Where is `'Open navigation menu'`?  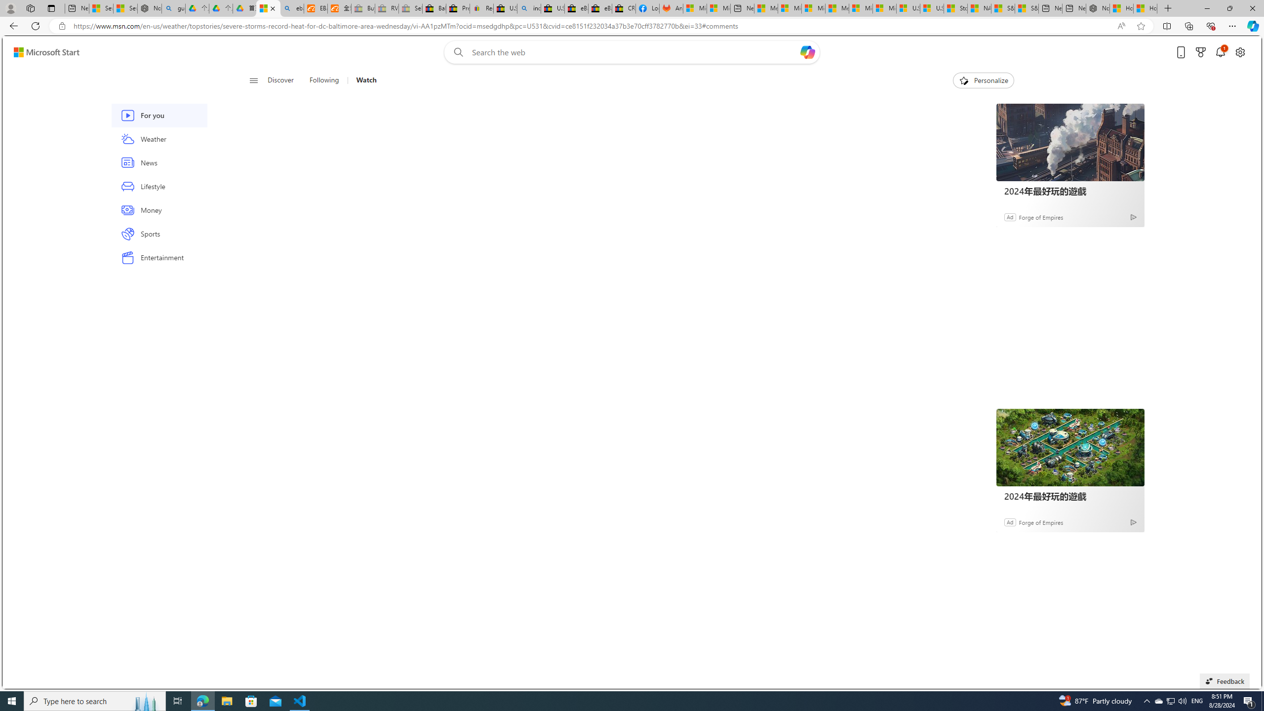 'Open navigation menu' is located at coordinates (253, 79).